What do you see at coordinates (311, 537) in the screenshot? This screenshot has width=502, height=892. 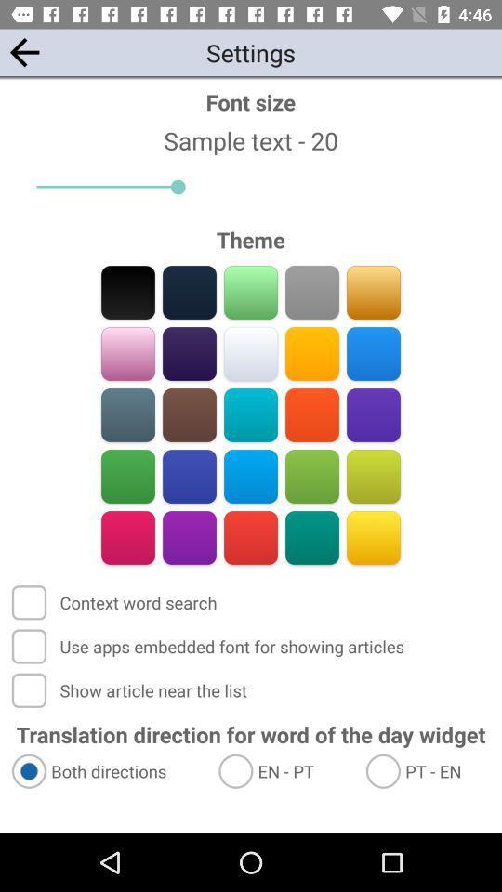 I see `theme color` at bounding box center [311, 537].